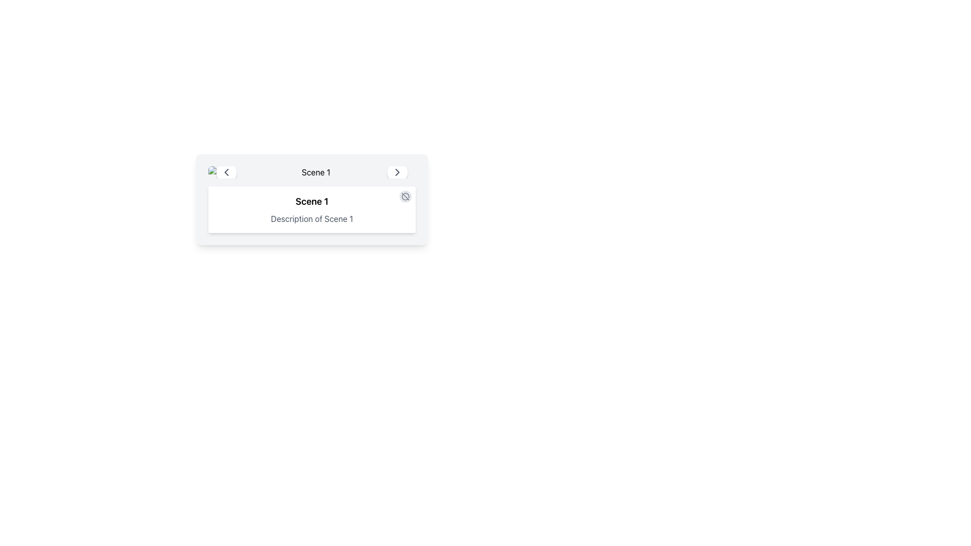  What do you see at coordinates (312, 199) in the screenshot?
I see `the text block that describes 'Scene 1', which is centrally located below the header and flanked by navigation icons` at bounding box center [312, 199].